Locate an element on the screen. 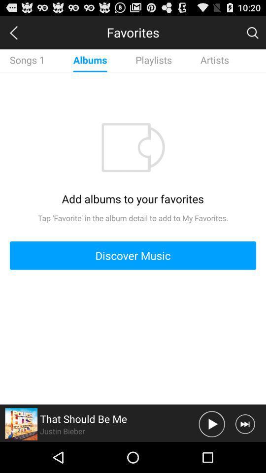  the search icon is located at coordinates (252, 34).